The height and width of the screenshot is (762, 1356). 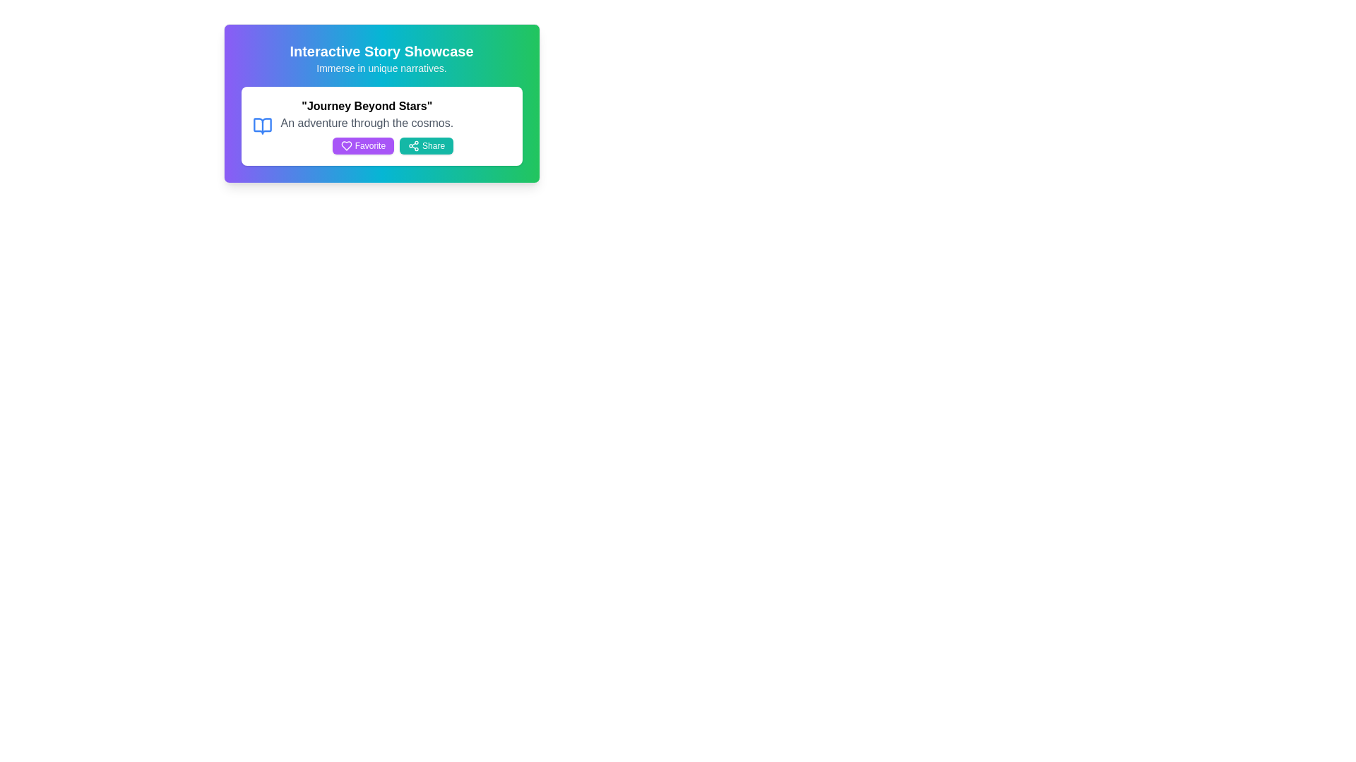 I want to click on the 'Favorite' button with a purple background and heart icon, located to the right of the text 'An adventure through the cosmos.', so click(x=367, y=146).